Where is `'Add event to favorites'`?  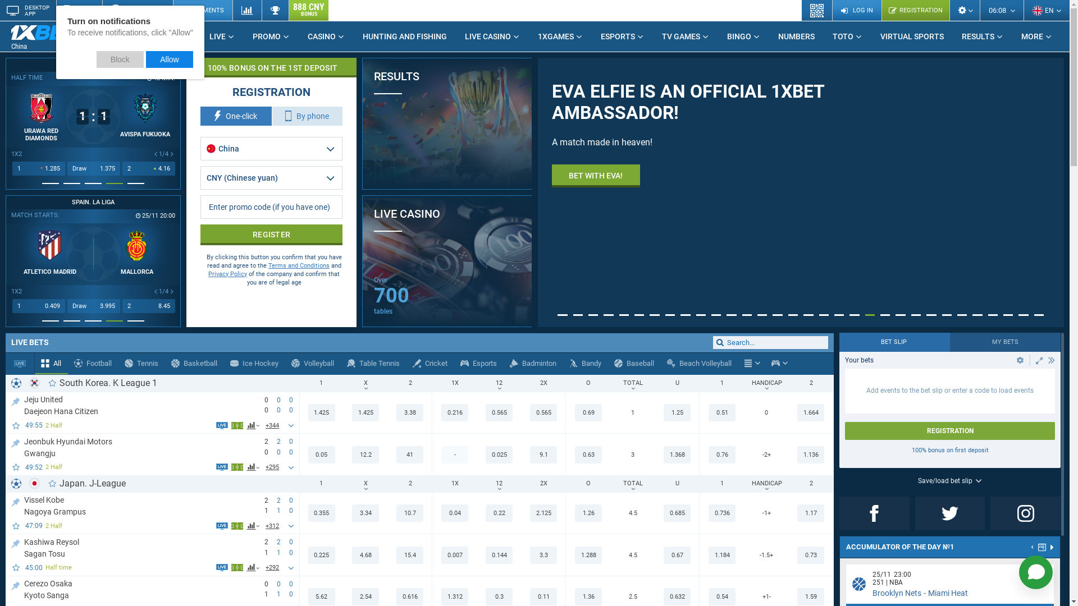 'Add event to favorites' is located at coordinates (16, 467).